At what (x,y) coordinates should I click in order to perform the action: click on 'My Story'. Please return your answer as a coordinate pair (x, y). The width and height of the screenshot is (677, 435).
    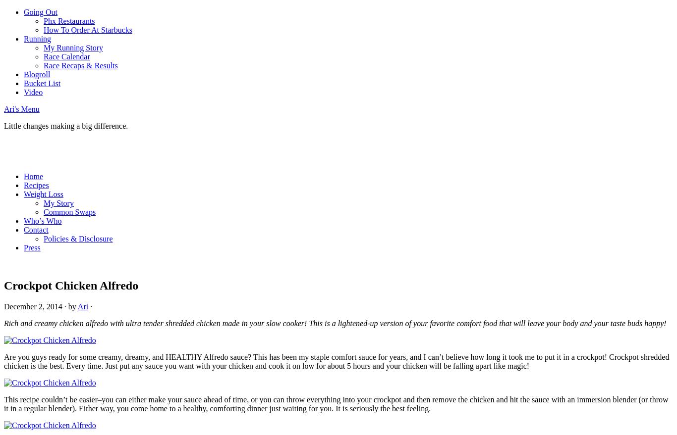
    Looking at the image, I should click on (58, 202).